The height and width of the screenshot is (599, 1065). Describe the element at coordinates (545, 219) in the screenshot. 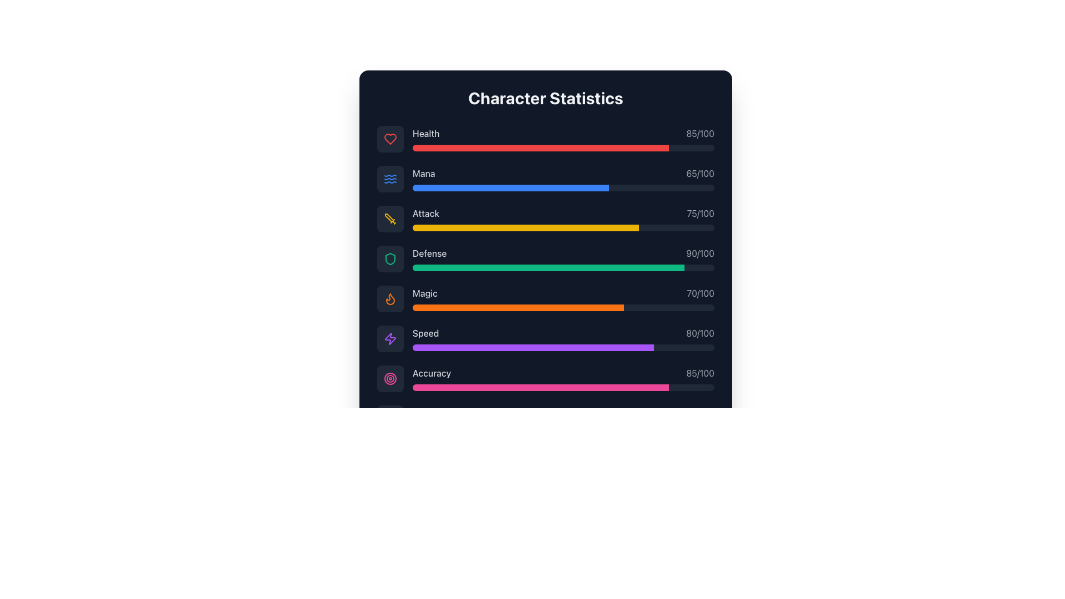

I see `the Statistic Display Component showing an attack statistic with a sword icon and a progress bar indicating 75/100, located under 'Character Statistics'` at that location.